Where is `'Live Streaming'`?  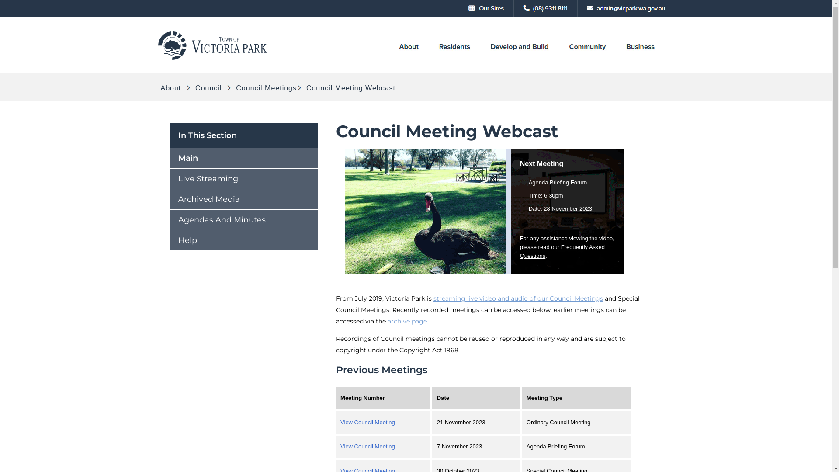
'Live Streaming' is located at coordinates (243, 178).